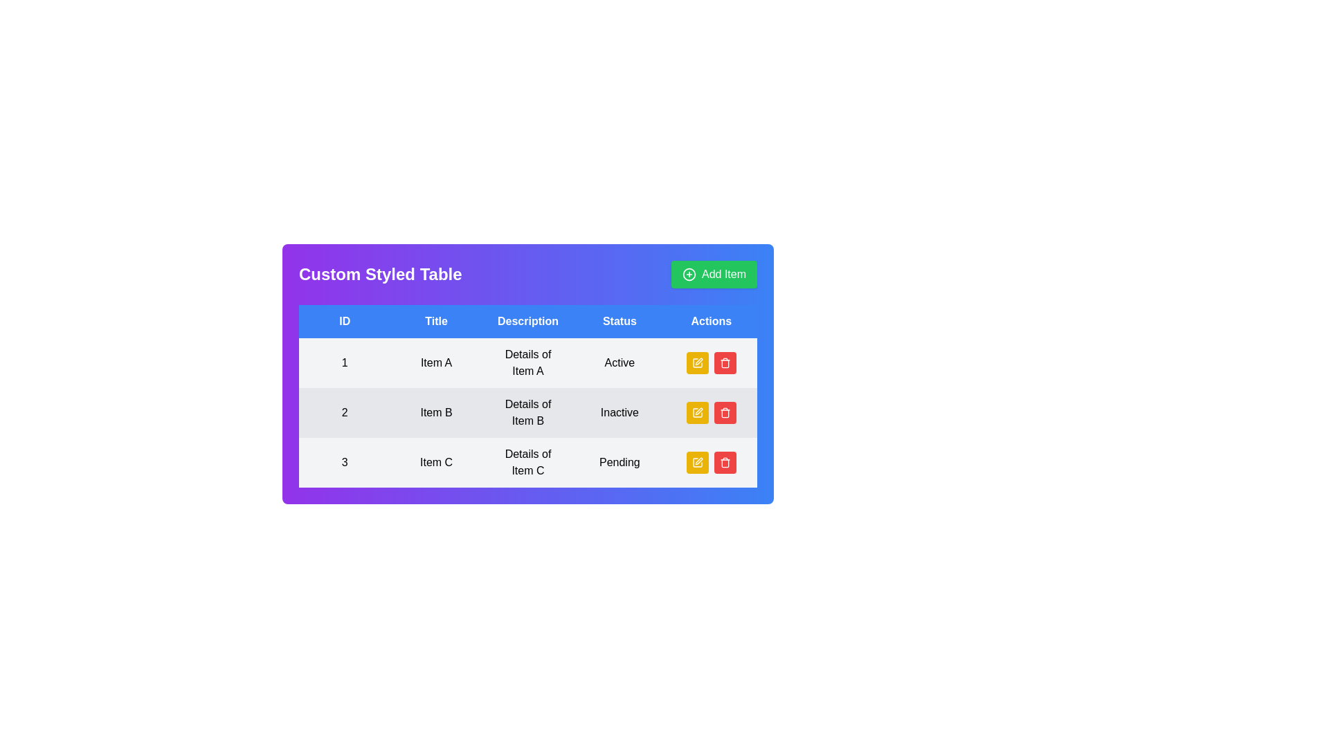  Describe the element at coordinates (697, 462) in the screenshot. I see `the yellow button with a white edit icon in the 'Actions' column of the last row for 'Item C'` at that location.